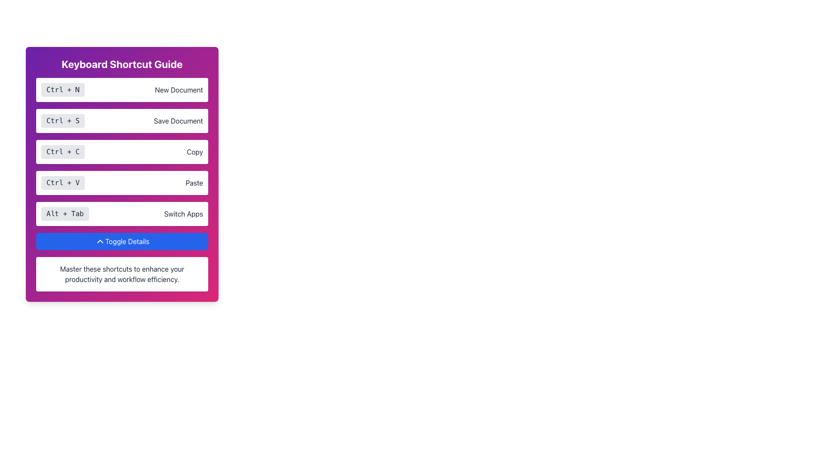 This screenshot has height=465, width=826. I want to click on the 'Copy' text label which indicates the action associated with the keyboard shortcut 'Ctrl + C' in the Keyboard Shortcut Guide, so click(194, 152).